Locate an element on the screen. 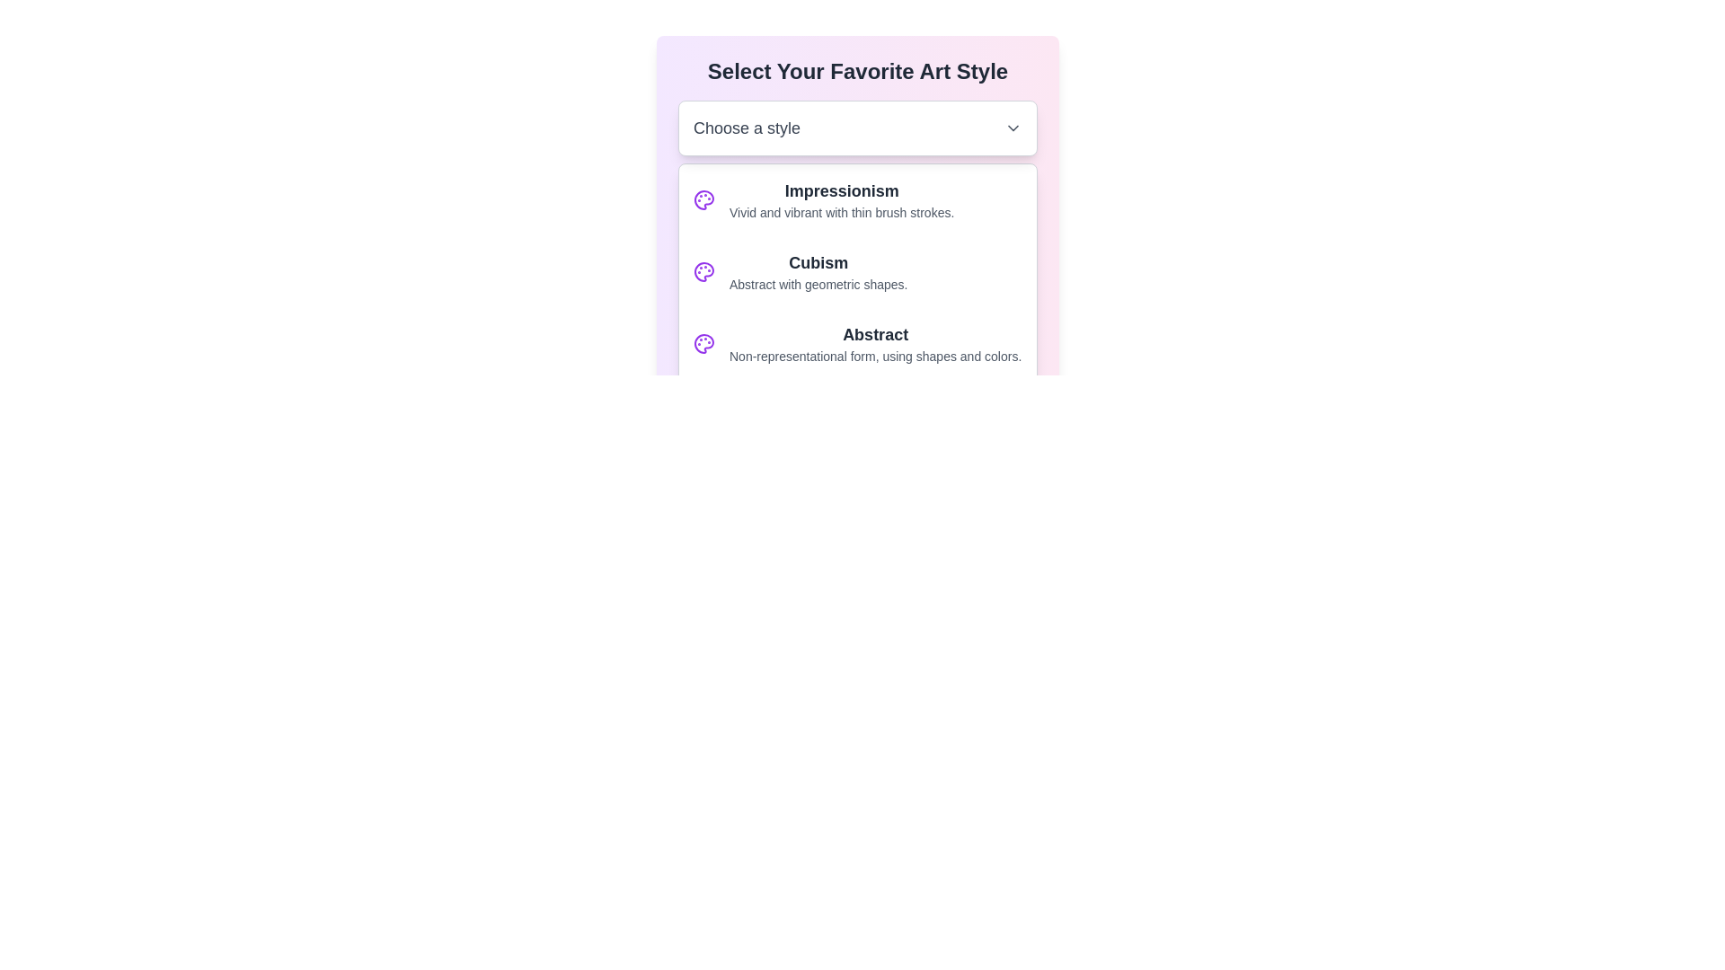 The height and width of the screenshot is (970, 1725). the first item in the vertical list labeled 'Impressionism' is located at coordinates (840, 200).